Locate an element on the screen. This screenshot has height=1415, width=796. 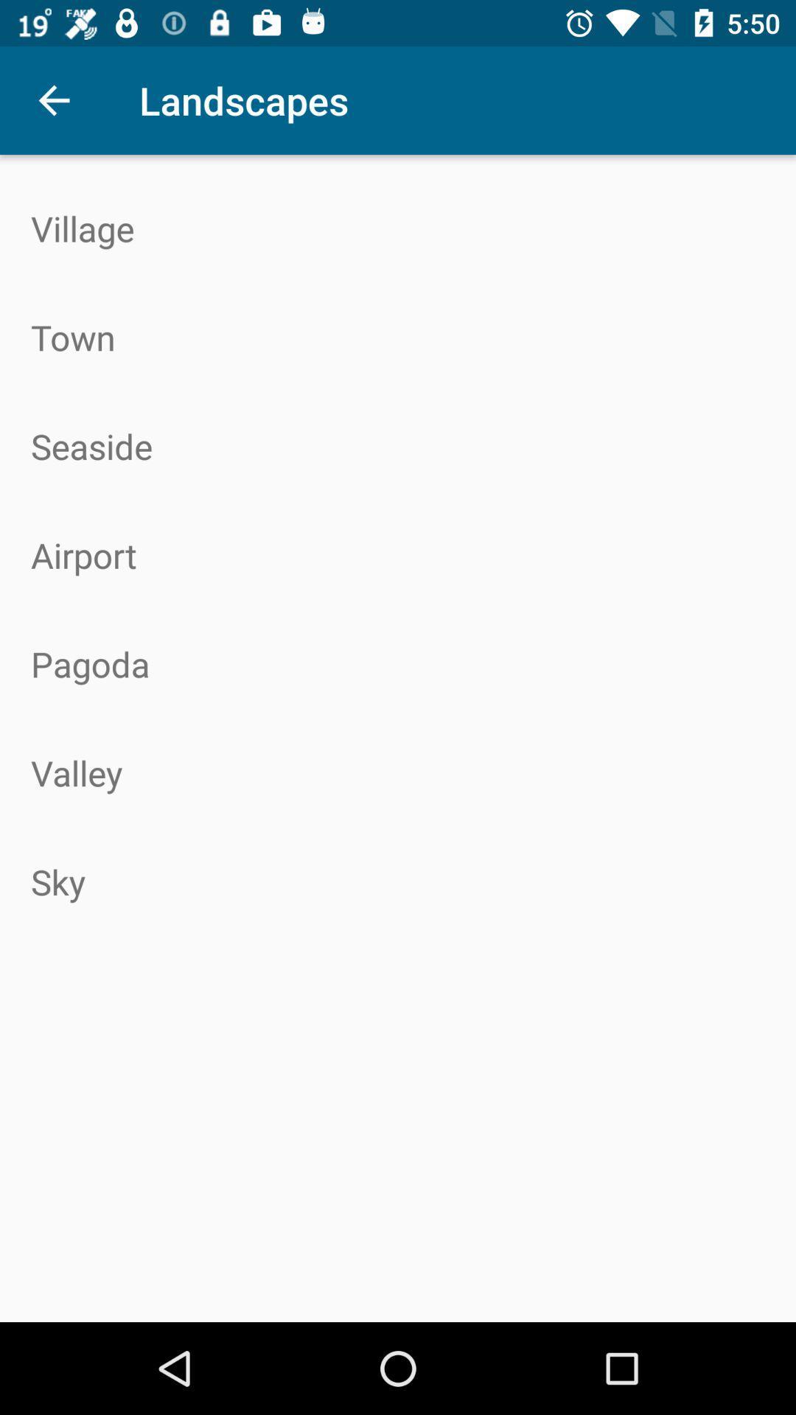
icon above airport is located at coordinates (398, 445).